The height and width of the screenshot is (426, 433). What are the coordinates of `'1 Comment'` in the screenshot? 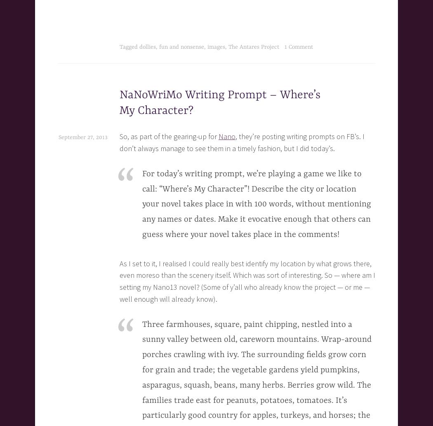 It's located at (298, 47).